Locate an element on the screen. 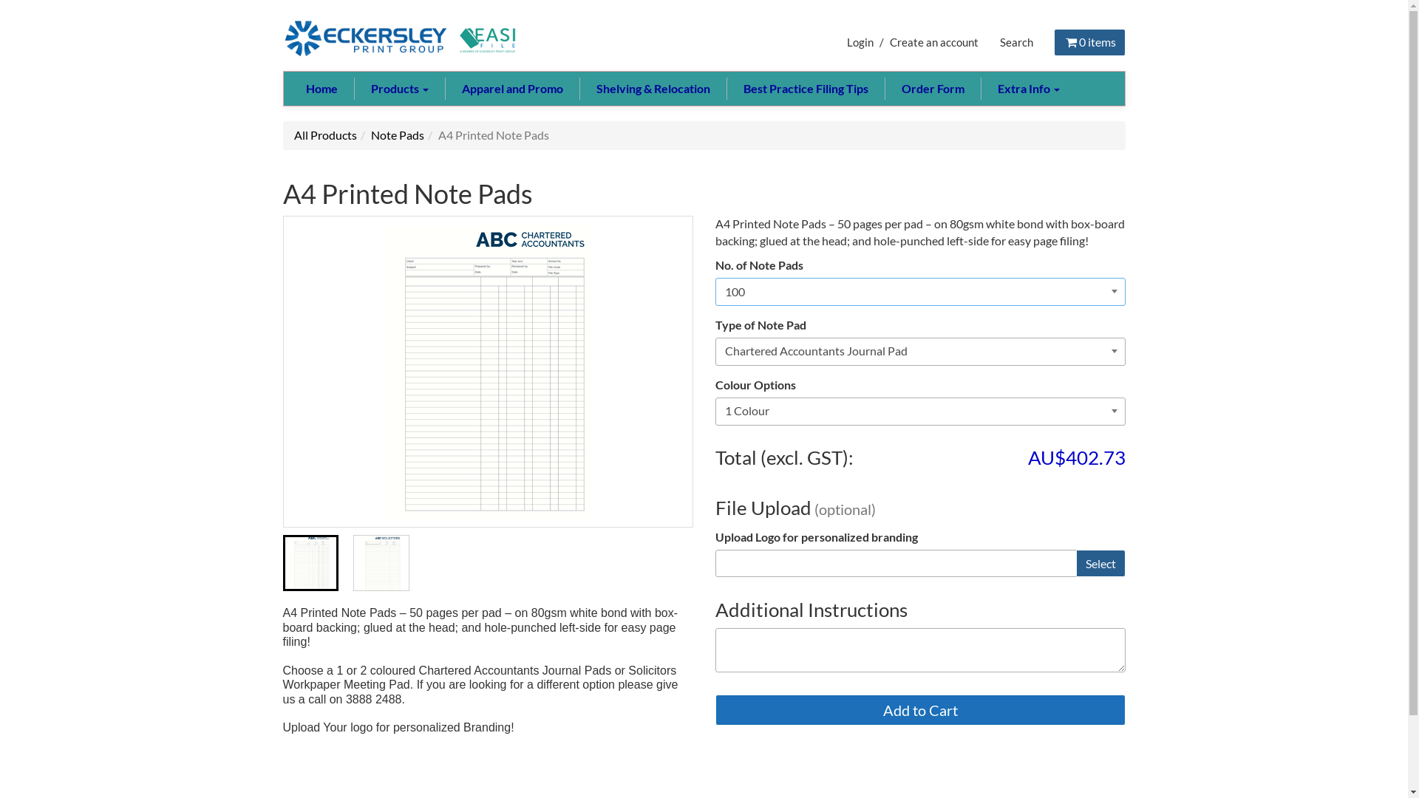 The height and width of the screenshot is (798, 1419). 'Apparel and Promo' is located at coordinates (511, 88).